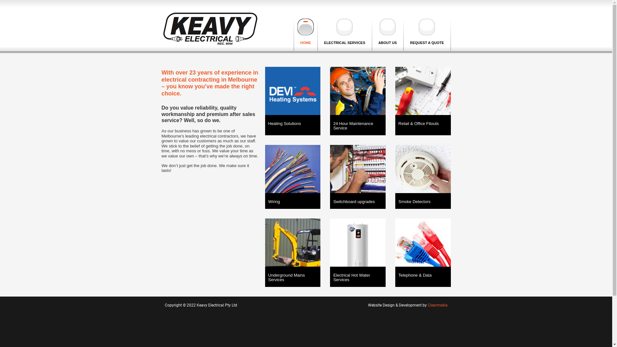  I want to click on 'Heating Solutions', so click(268, 124).